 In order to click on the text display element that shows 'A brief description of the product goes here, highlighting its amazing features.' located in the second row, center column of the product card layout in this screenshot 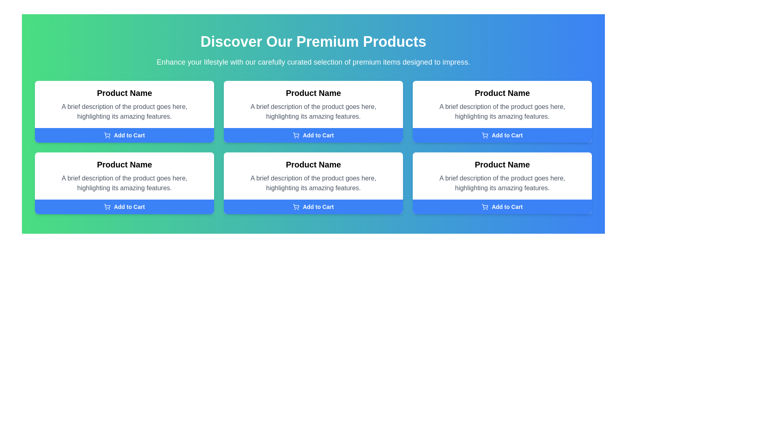, I will do `click(313, 183)`.